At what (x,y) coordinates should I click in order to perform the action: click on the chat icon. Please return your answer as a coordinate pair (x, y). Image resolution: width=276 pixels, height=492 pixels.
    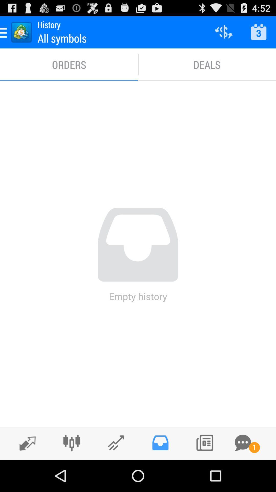
    Looking at the image, I should click on (243, 474).